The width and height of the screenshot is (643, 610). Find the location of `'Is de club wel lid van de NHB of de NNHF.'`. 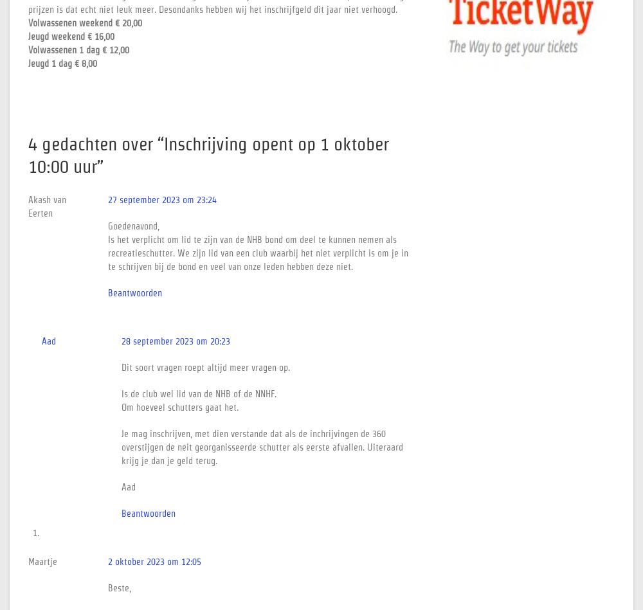

'Is de club wel lid van de NHB of de NNHF.' is located at coordinates (199, 393).